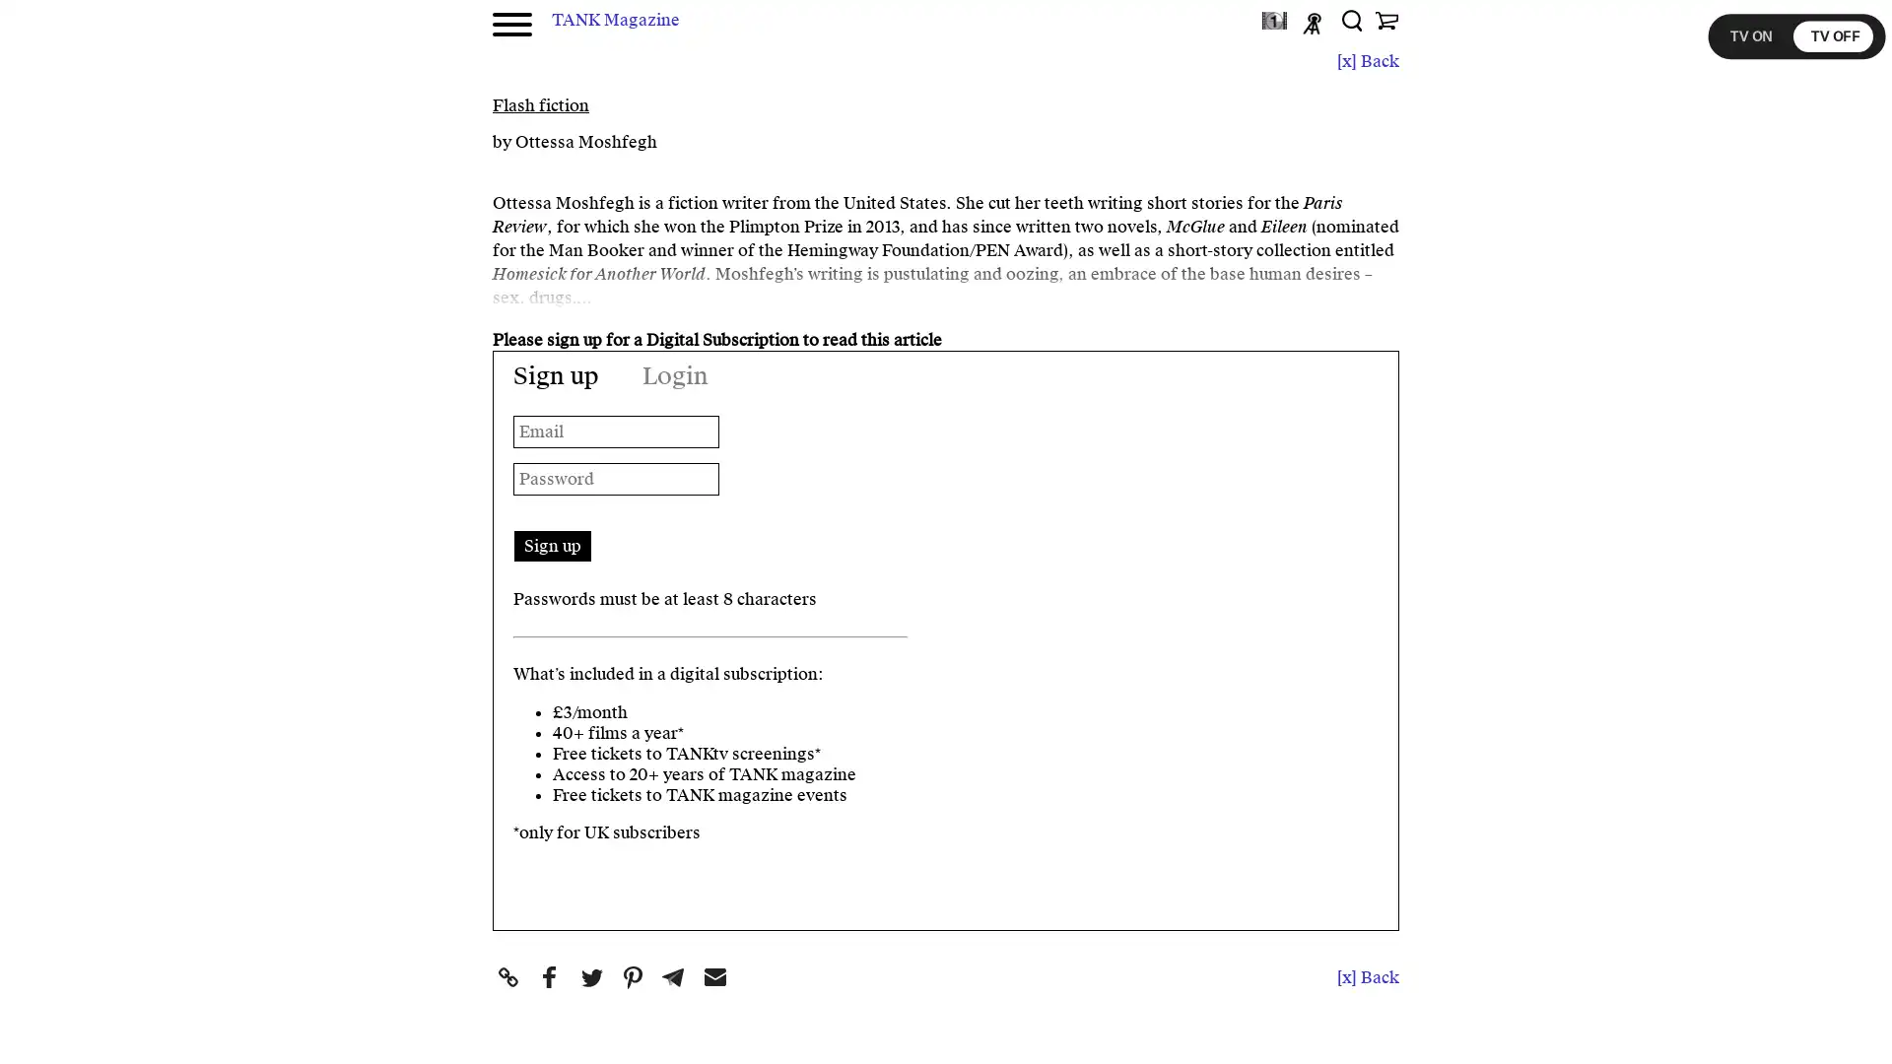  Describe the element at coordinates (1274, 20) in the screenshot. I see `TANKtv` at that location.